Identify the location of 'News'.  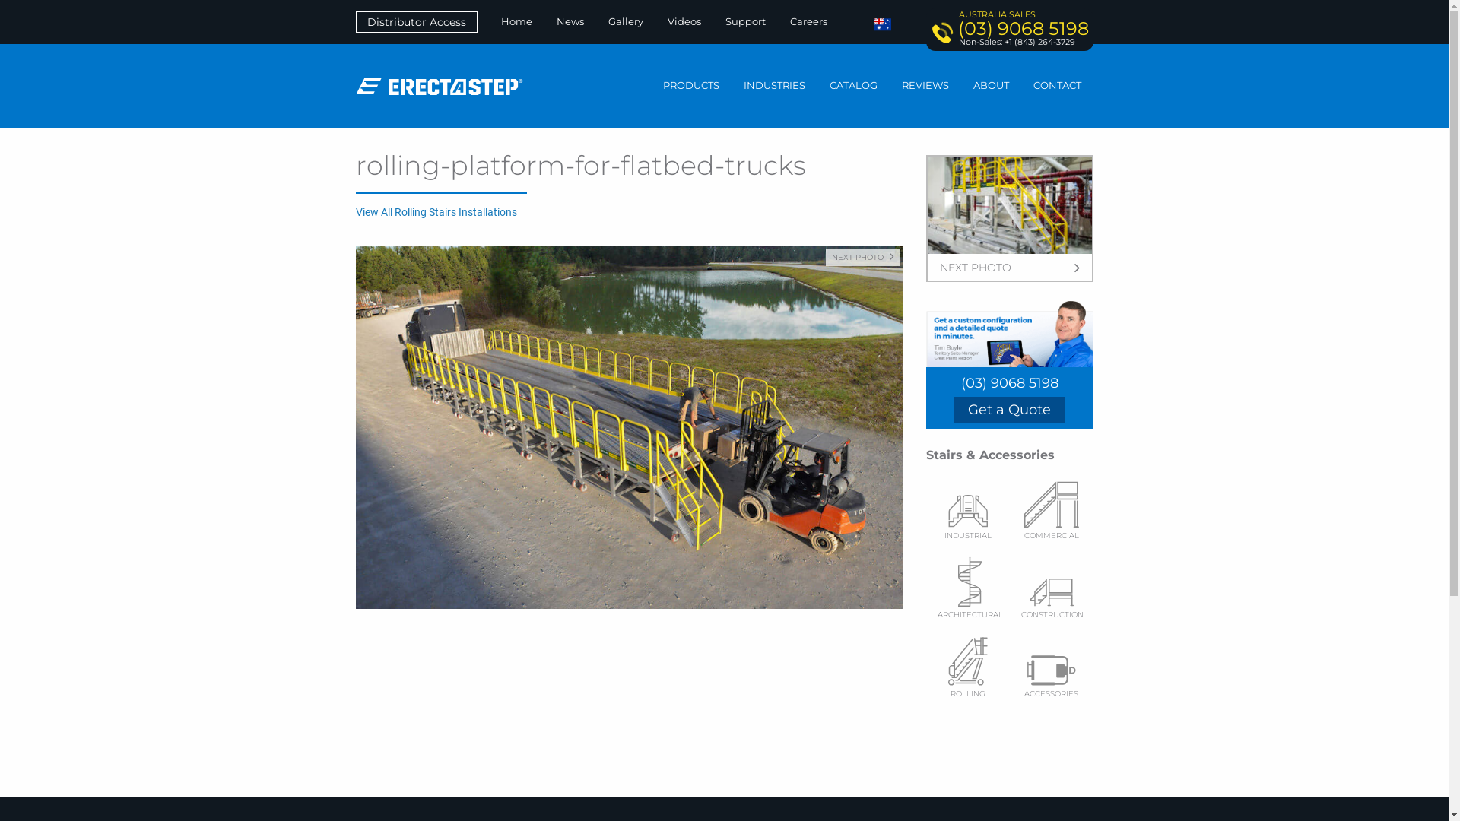
(544, 21).